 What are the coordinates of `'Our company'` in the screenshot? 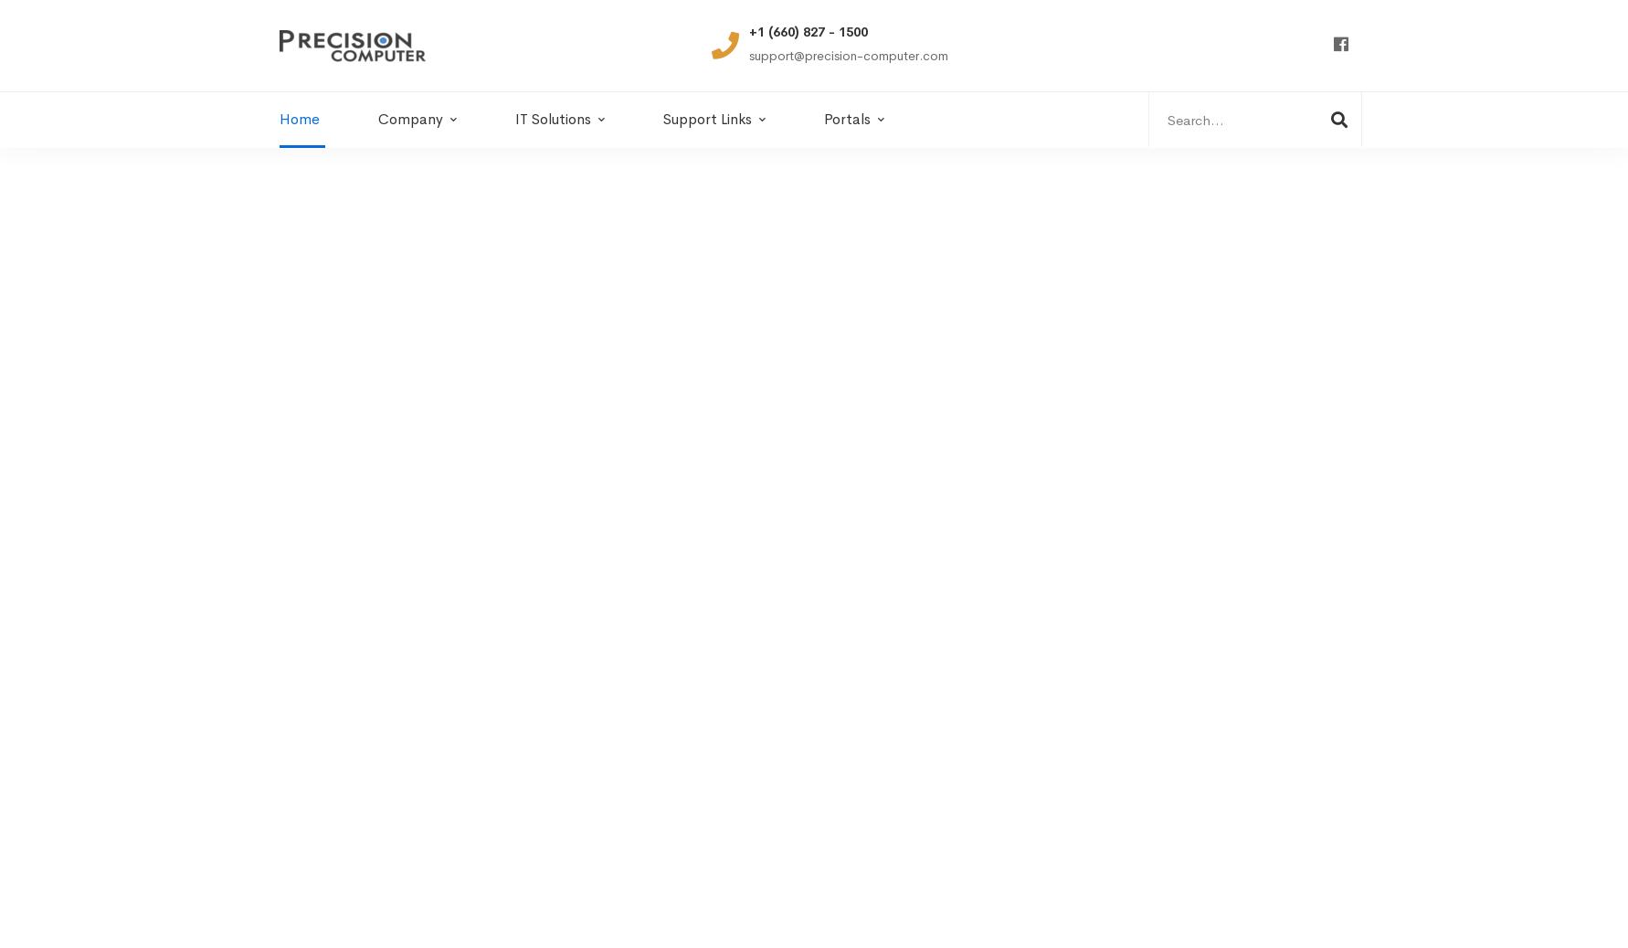 It's located at (344, 641).